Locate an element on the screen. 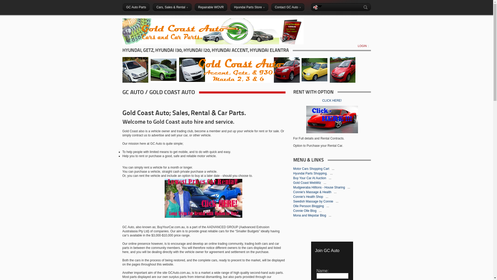 The width and height of the screenshot is (497, 280). 'Connie Olle Blog' is located at coordinates (293, 211).